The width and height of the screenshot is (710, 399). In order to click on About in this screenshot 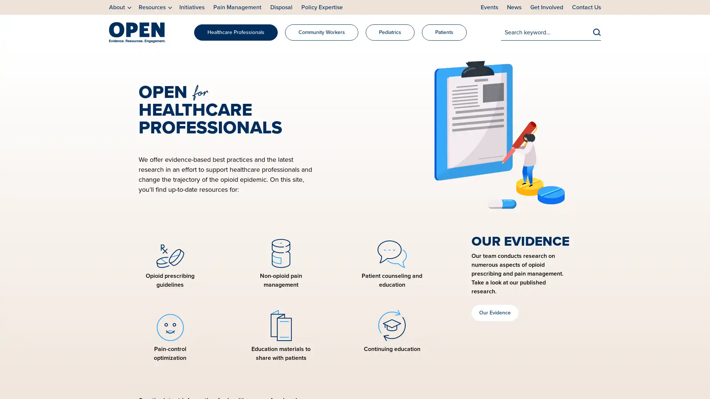, I will do `click(120, 7)`.